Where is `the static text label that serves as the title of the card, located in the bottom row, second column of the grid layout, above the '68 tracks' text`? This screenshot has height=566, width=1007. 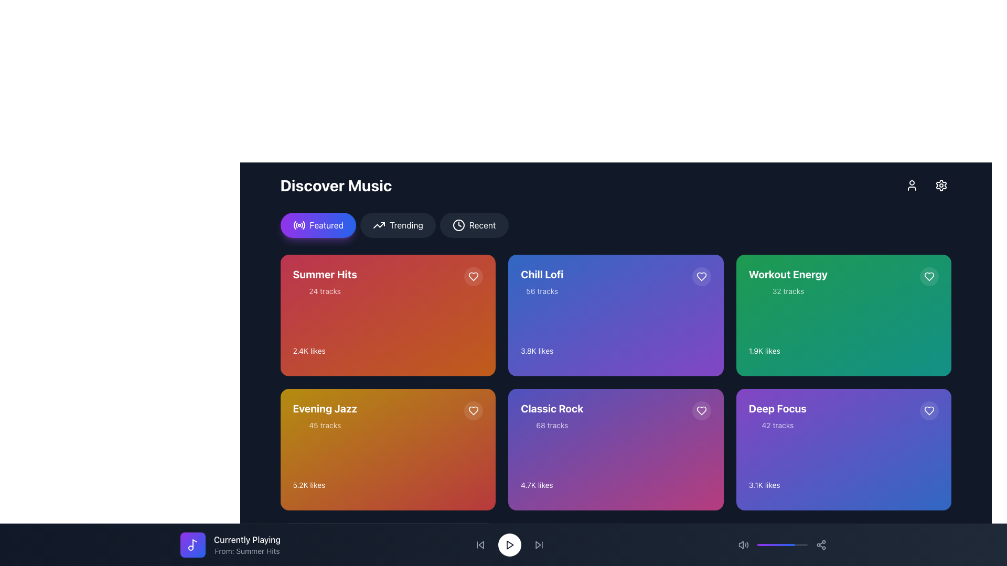 the static text label that serves as the title of the card, located in the bottom row, second column of the grid layout, above the '68 tracks' text is located at coordinates (551, 408).